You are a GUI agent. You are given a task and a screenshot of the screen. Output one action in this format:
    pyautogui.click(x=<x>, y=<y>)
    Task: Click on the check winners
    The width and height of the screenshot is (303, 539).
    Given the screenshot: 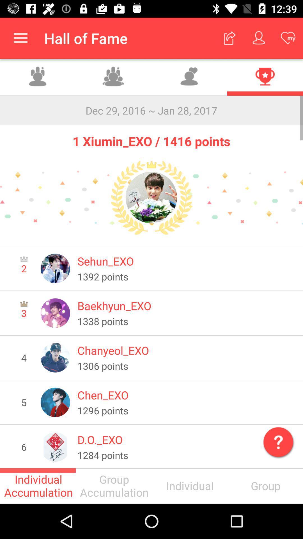 What is the action you would take?
    pyautogui.click(x=265, y=77)
    